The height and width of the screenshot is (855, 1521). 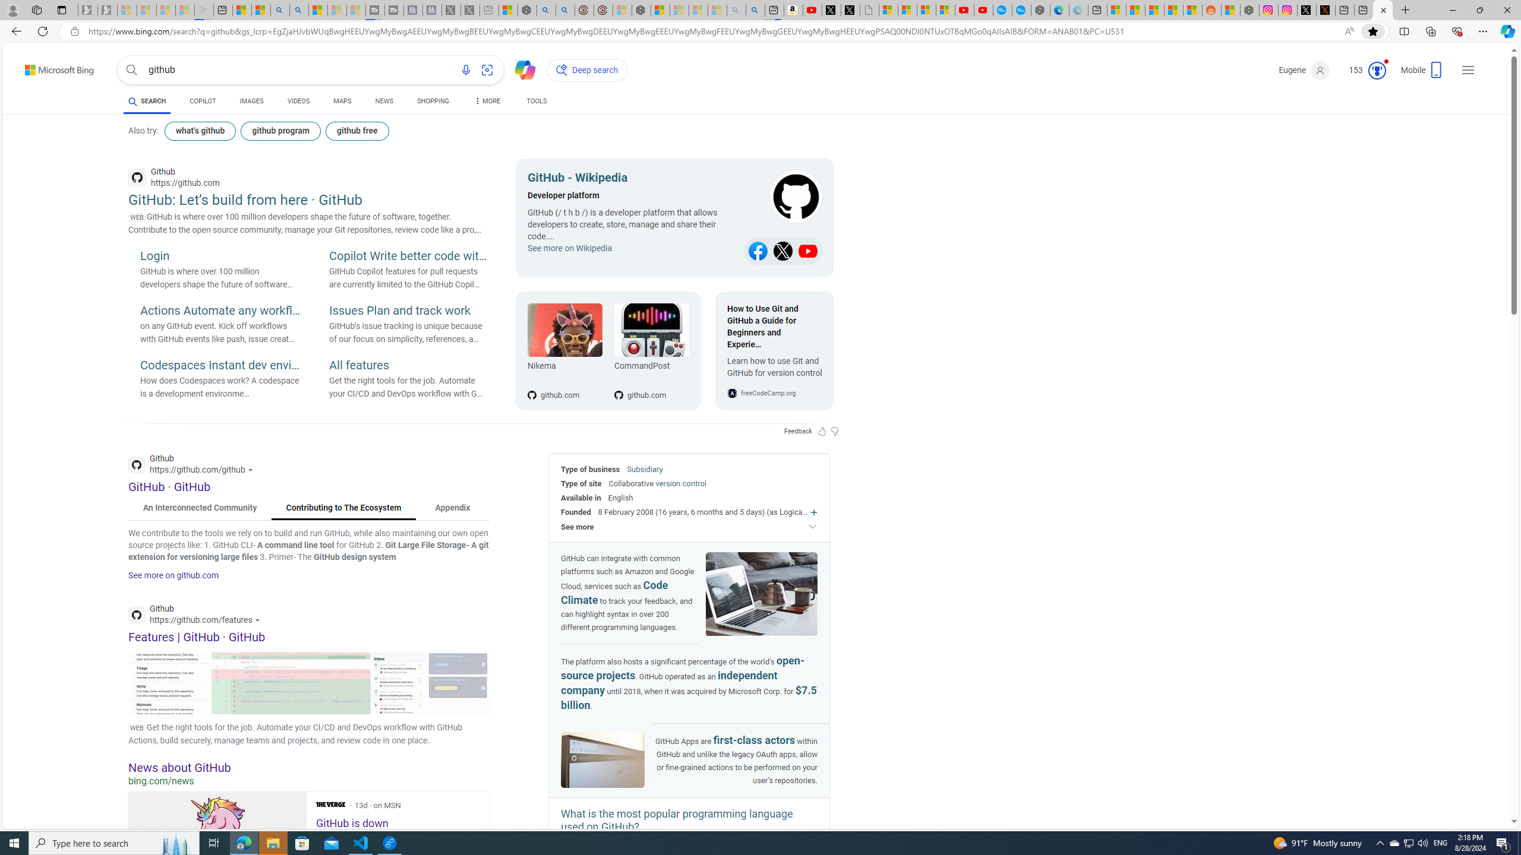 I want to click on 'SHOPPING', so click(x=433, y=102).